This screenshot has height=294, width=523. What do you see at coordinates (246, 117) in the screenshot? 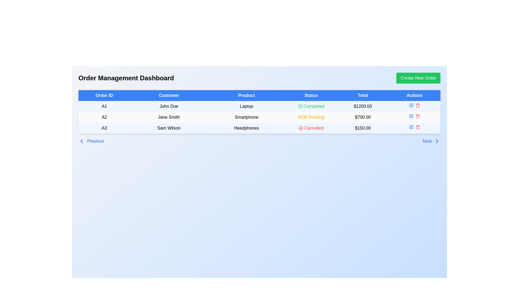
I see `the text label displaying the product name associated with an order in the second row of the table, which is located in the third column, between 'Jane Smith' and '• Pending'` at bounding box center [246, 117].